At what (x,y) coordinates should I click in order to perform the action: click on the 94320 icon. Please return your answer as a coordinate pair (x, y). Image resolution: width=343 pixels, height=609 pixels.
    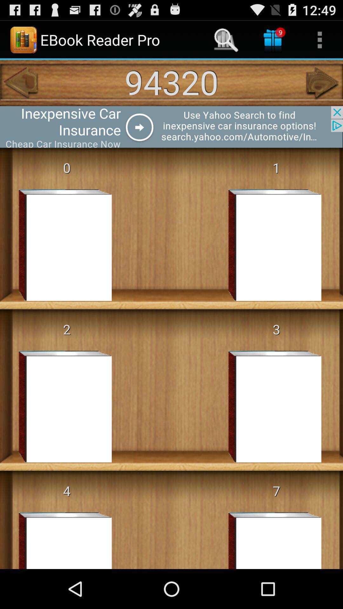
    Looking at the image, I should click on (171, 82).